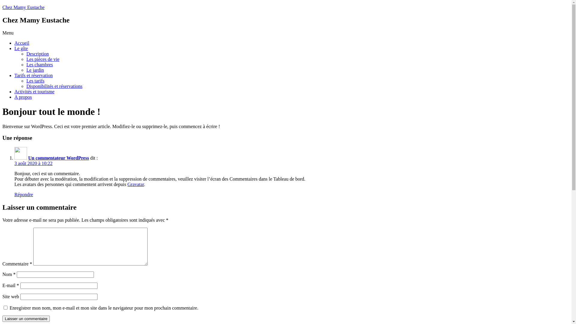 The height and width of the screenshot is (324, 576). I want to click on 'Les chambres', so click(39, 64).